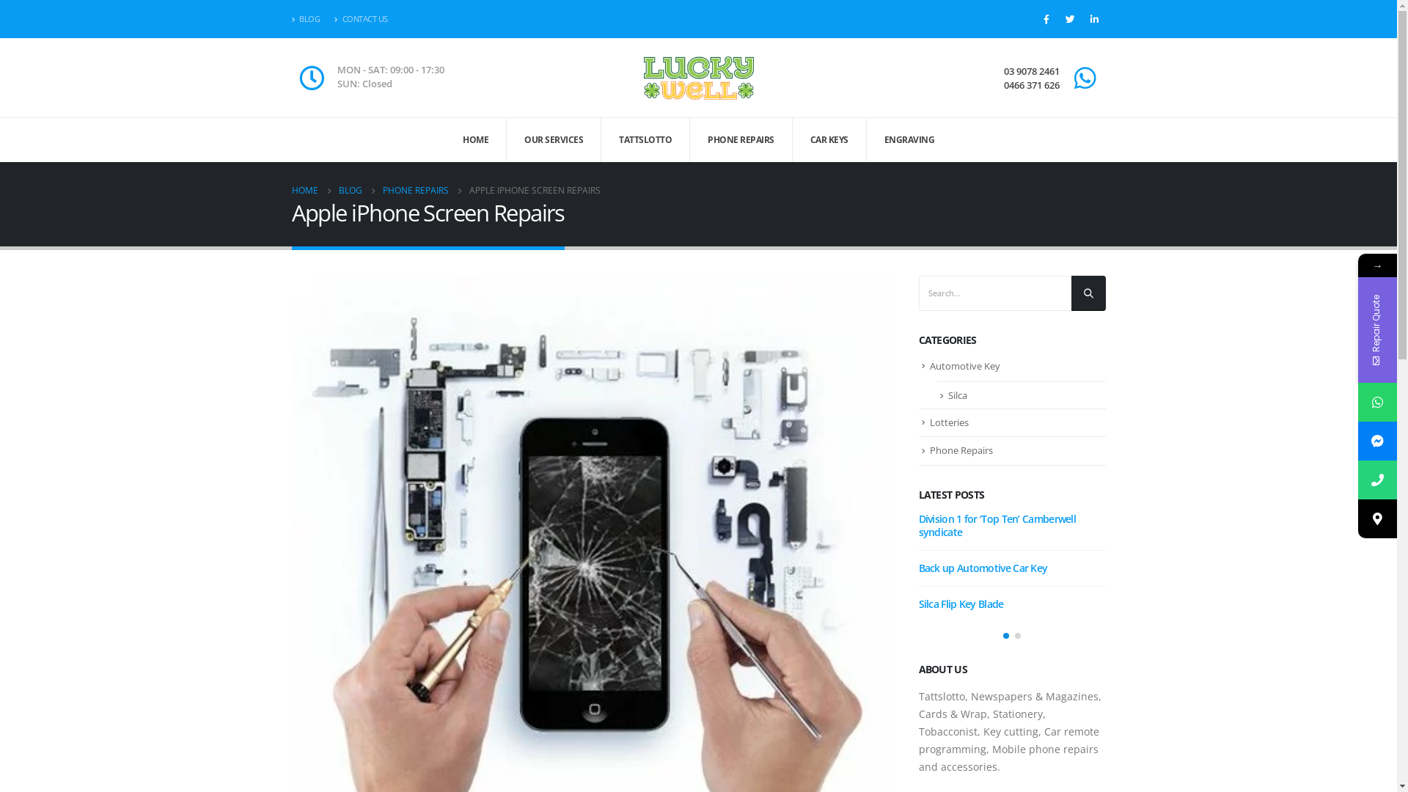 This screenshot has width=1408, height=792. What do you see at coordinates (1376, 480) in the screenshot?
I see `'+61466371626'` at bounding box center [1376, 480].